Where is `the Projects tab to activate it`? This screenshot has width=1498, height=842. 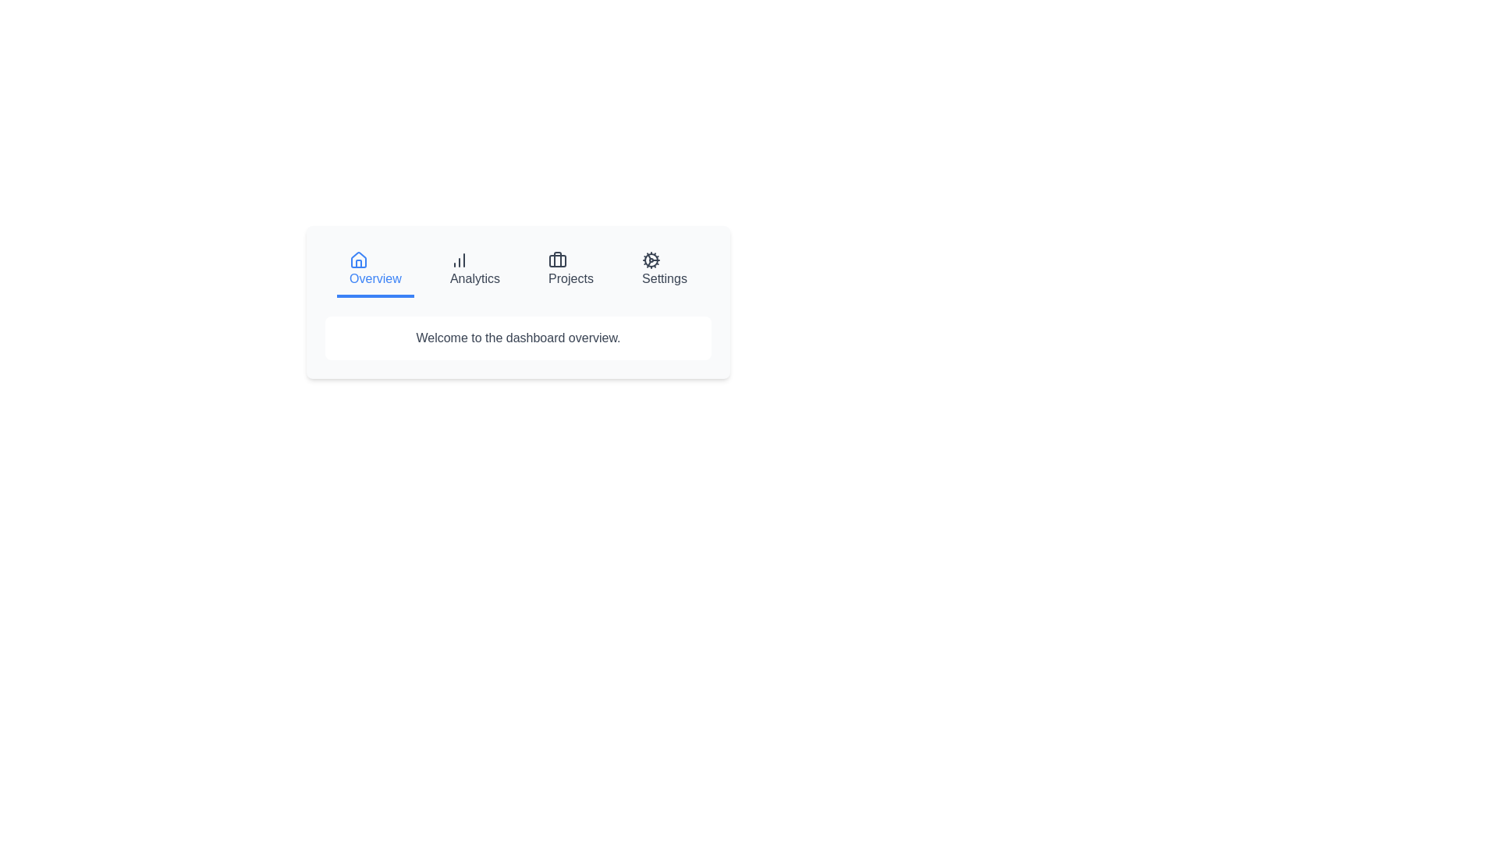
the Projects tab to activate it is located at coordinates (570, 270).